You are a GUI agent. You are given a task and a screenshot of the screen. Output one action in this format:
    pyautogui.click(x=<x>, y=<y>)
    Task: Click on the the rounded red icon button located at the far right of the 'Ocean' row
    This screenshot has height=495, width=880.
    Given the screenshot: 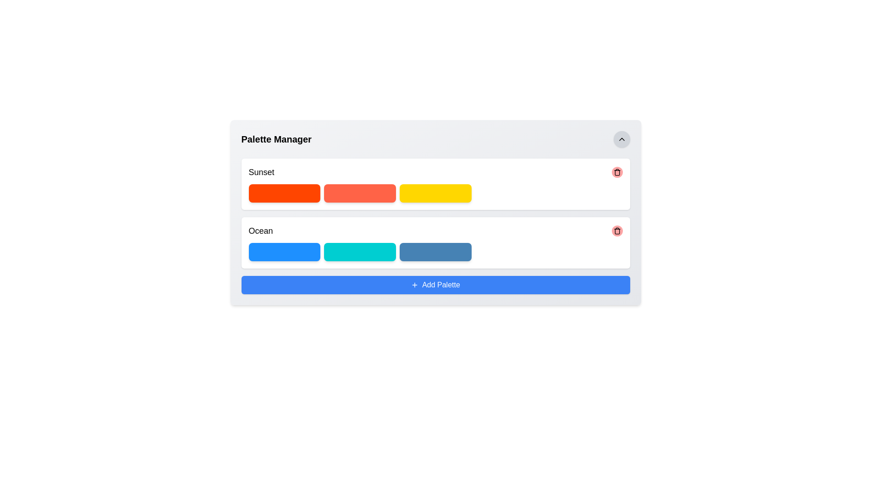 What is the action you would take?
    pyautogui.click(x=617, y=231)
    